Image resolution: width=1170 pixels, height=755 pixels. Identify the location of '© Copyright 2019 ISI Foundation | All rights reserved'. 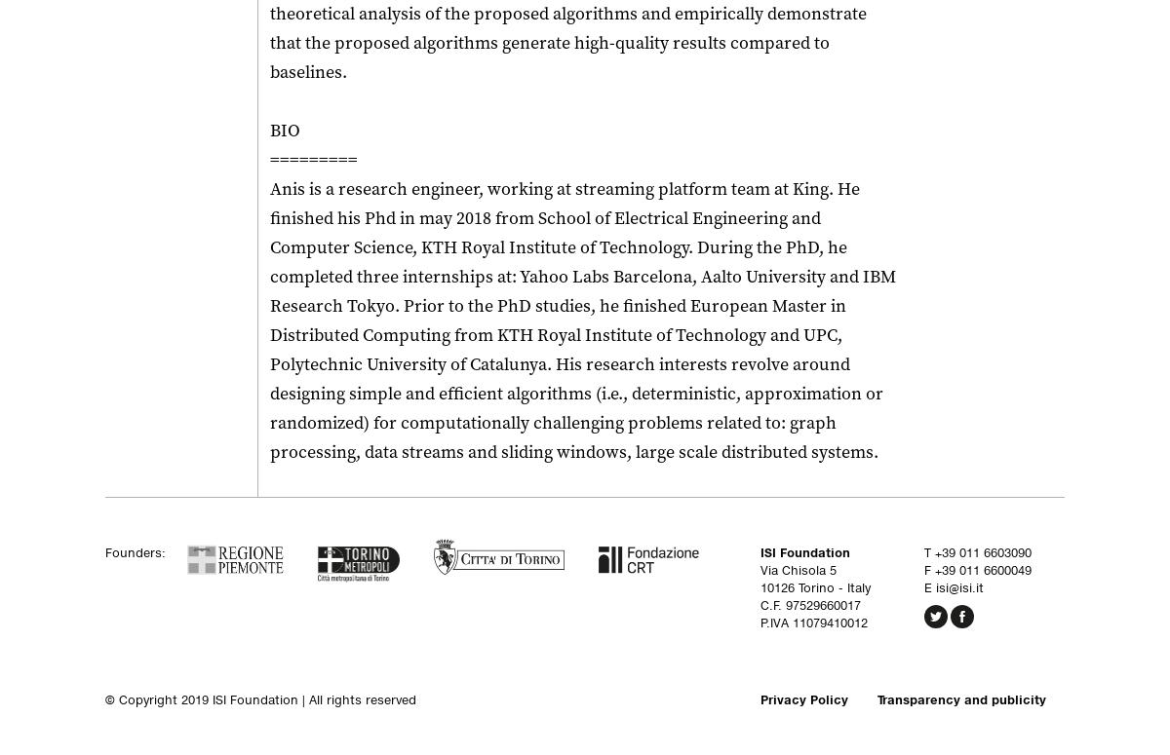
(259, 699).